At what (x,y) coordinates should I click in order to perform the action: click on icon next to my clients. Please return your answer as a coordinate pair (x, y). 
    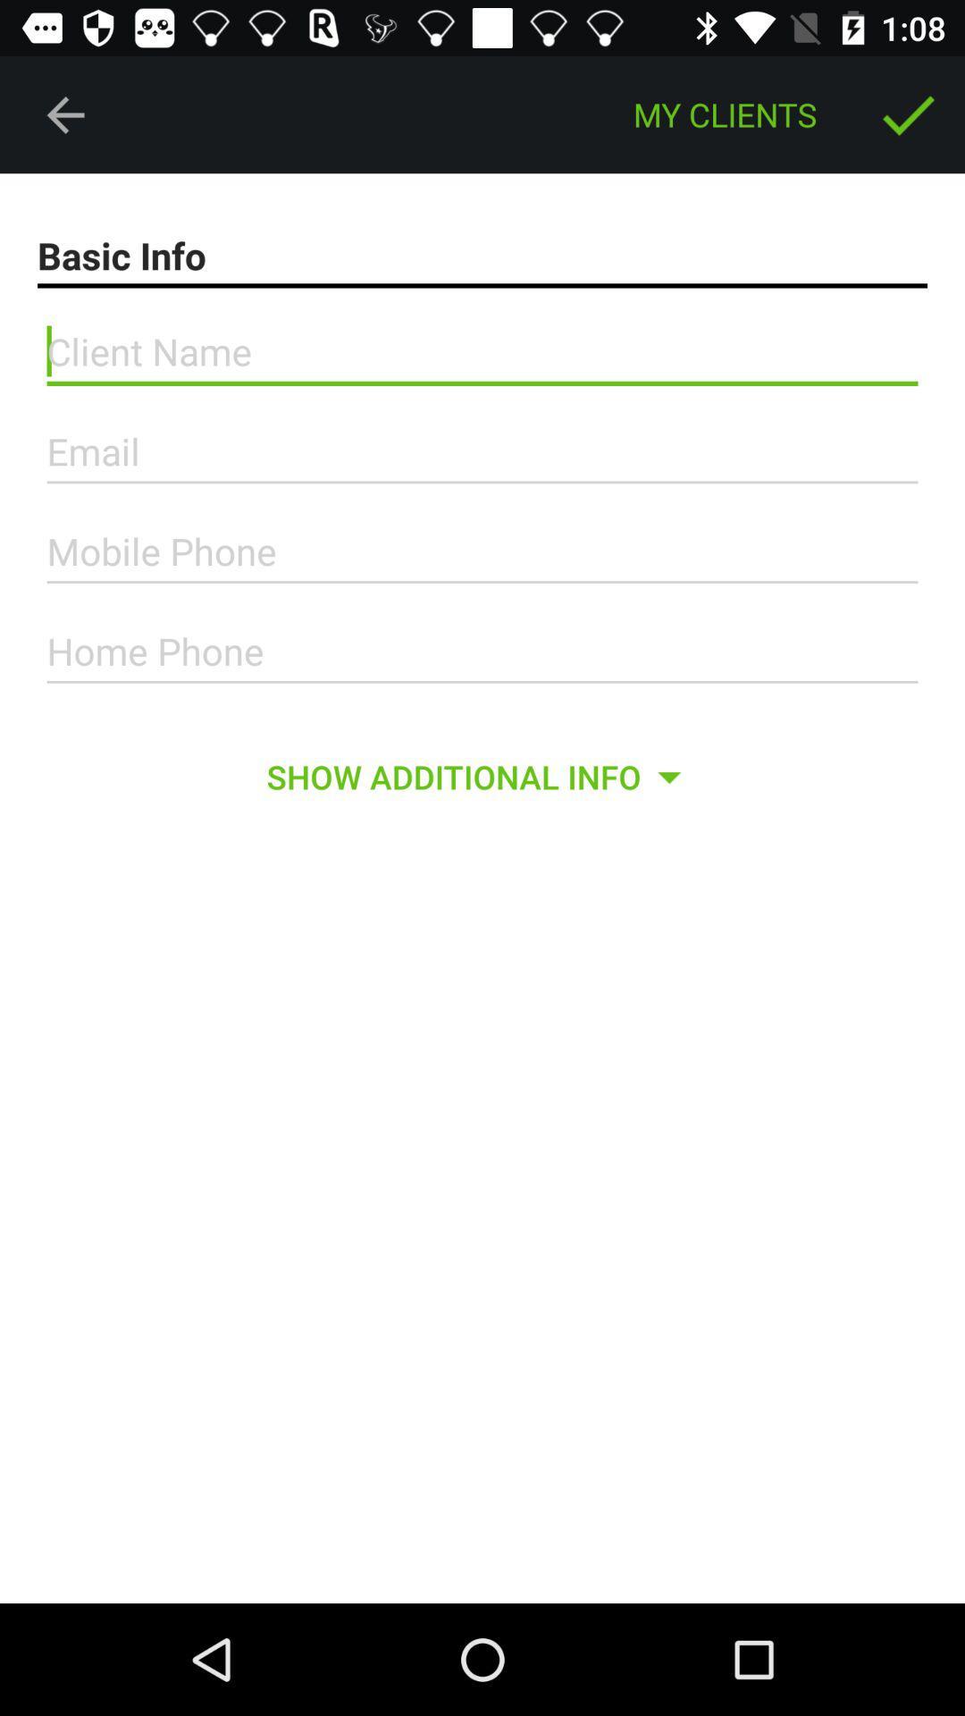
    Looking at the image, I should click on (64, 114).